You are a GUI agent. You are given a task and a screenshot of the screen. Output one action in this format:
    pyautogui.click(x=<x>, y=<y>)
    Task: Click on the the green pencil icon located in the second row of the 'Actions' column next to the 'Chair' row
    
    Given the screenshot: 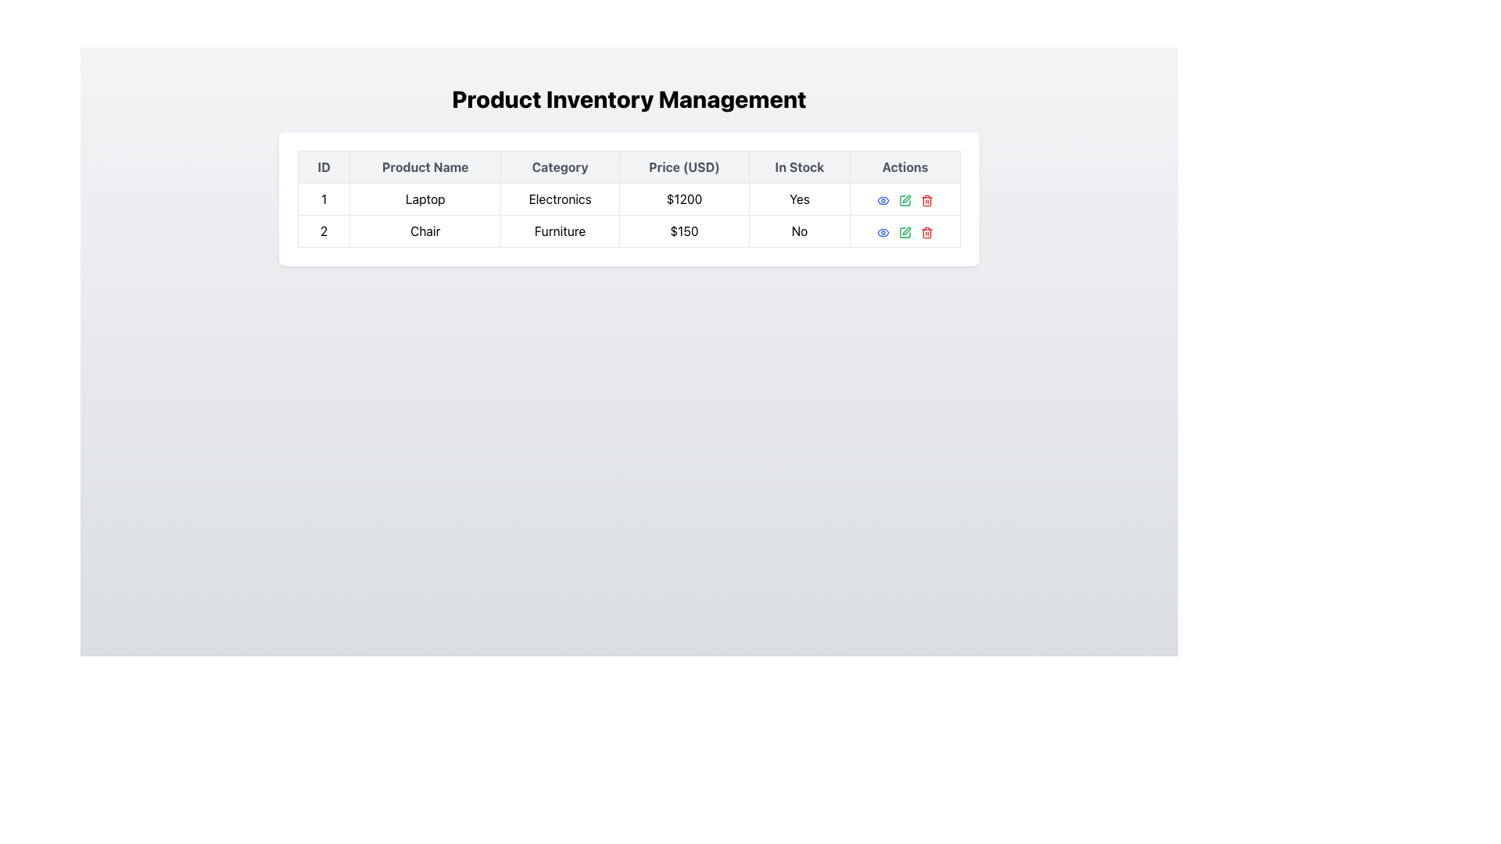 What is the action you would take?
    pyautogui.click(x=905, y=198)
    